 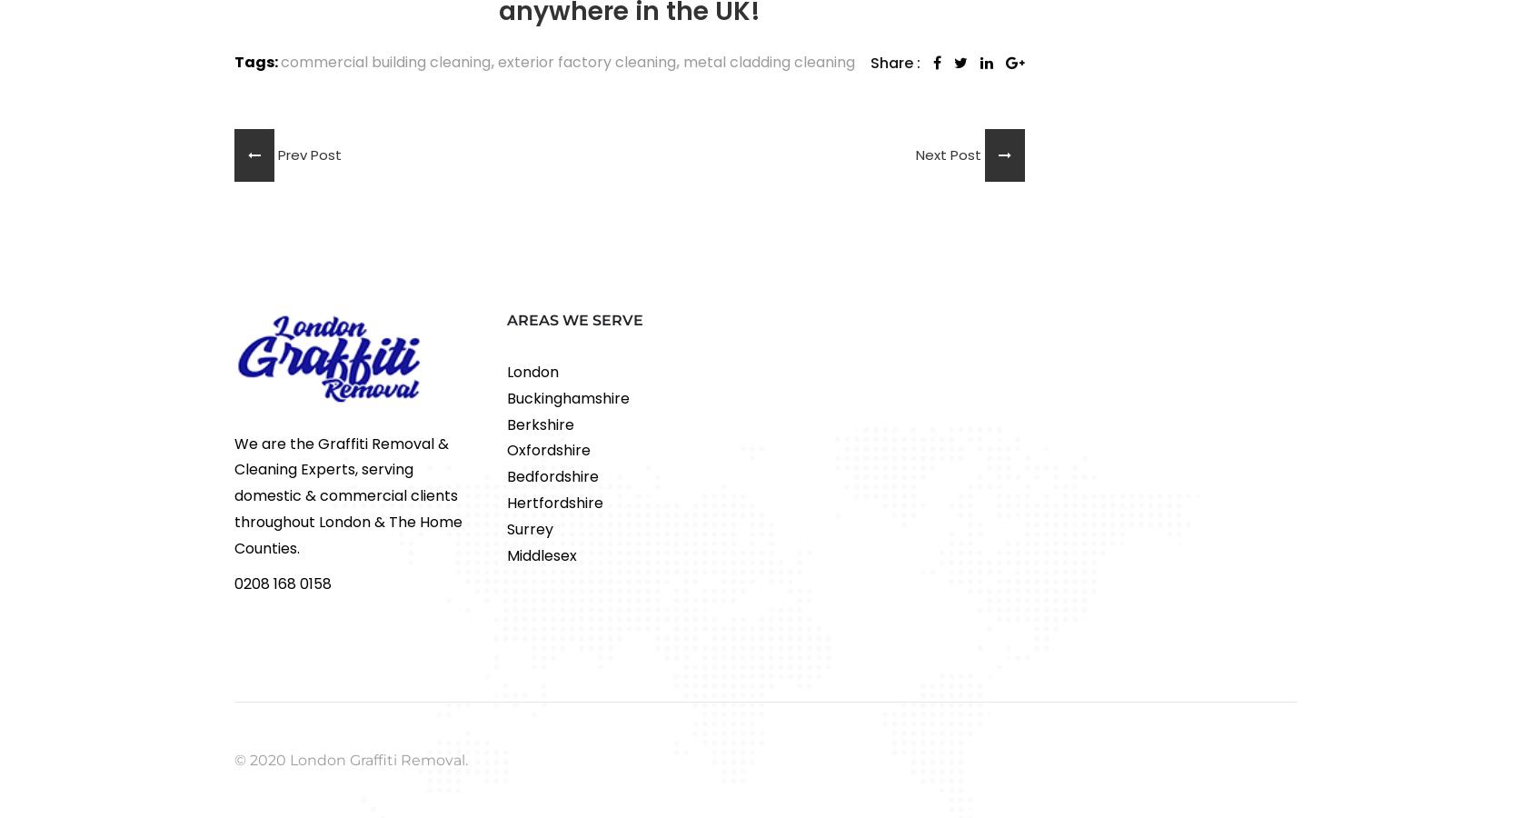 What do you see at coordinates (950, 154) in the screenshot?
I see `'Next Post'` at bounding box center [950, 154].